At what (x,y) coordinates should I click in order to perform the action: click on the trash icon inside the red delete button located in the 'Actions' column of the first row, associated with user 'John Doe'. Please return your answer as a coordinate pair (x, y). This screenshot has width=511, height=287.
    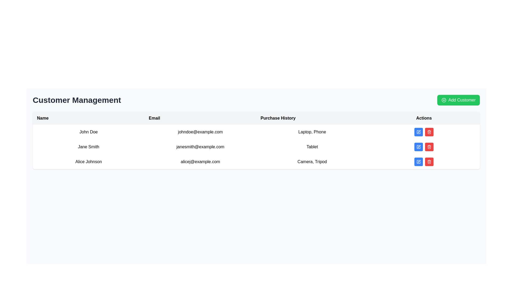
    Looking at the image, I should click on (429, 132).